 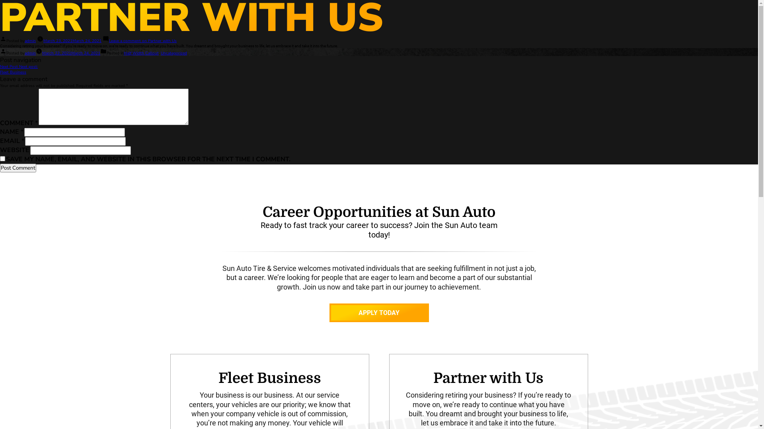 I want to click on 'admin', so click(x=25, y=53).